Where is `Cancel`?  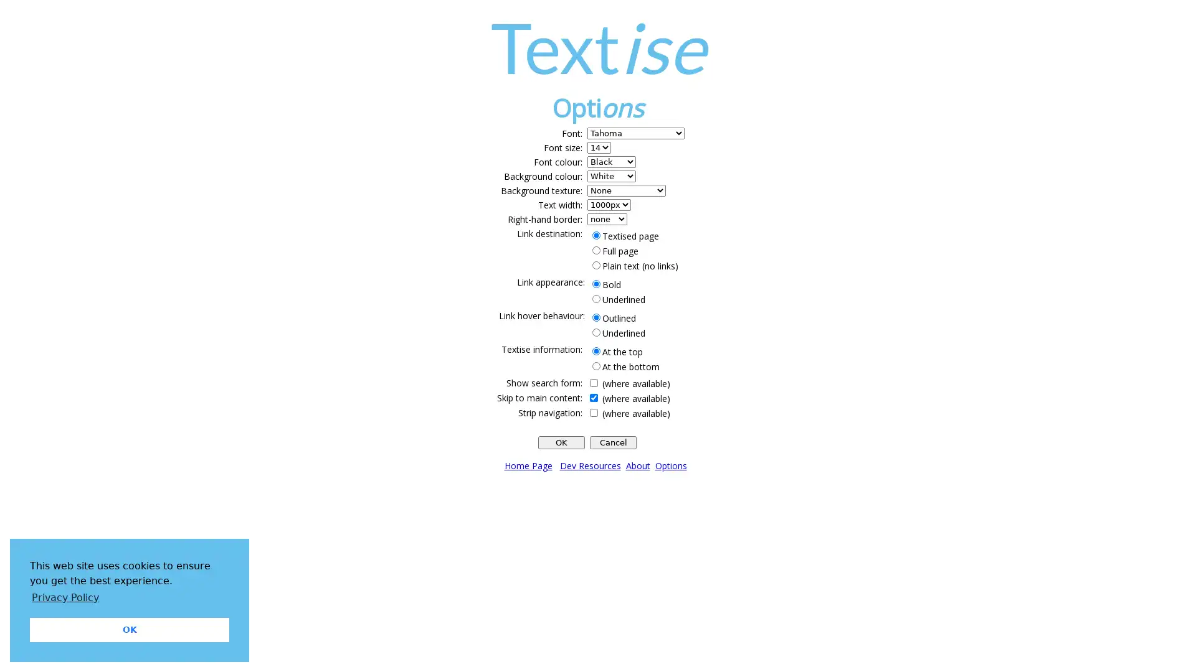 Cancel is located at coordinates (613, 442).